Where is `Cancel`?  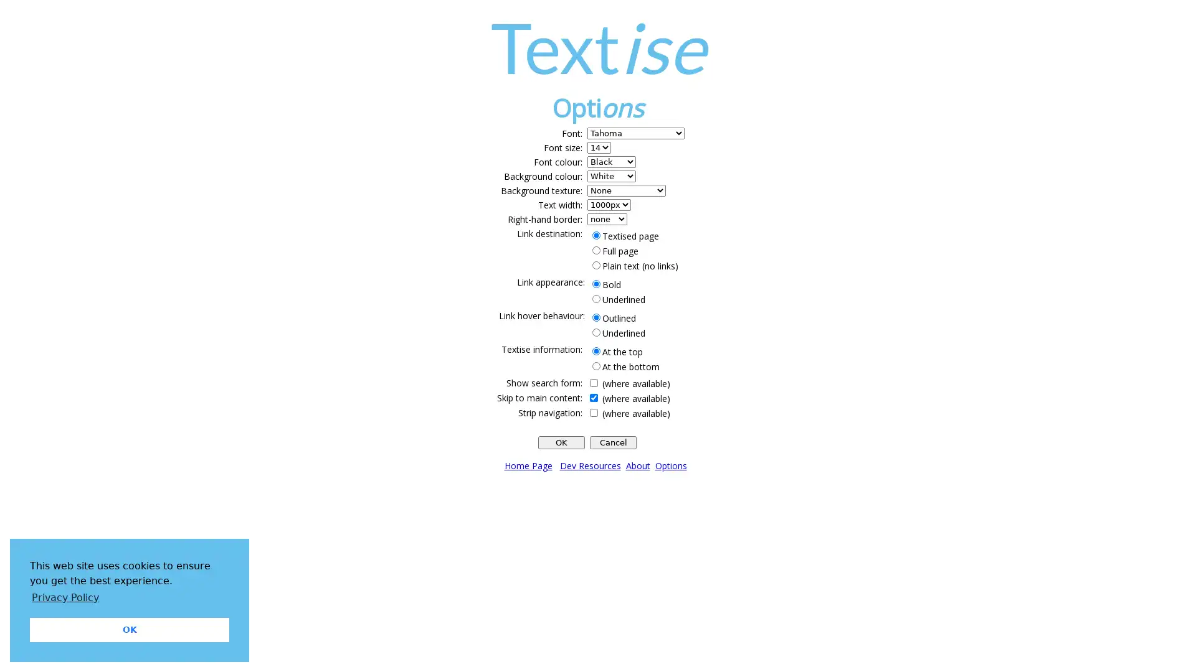 Cancel is located at coordinates (613, 442).